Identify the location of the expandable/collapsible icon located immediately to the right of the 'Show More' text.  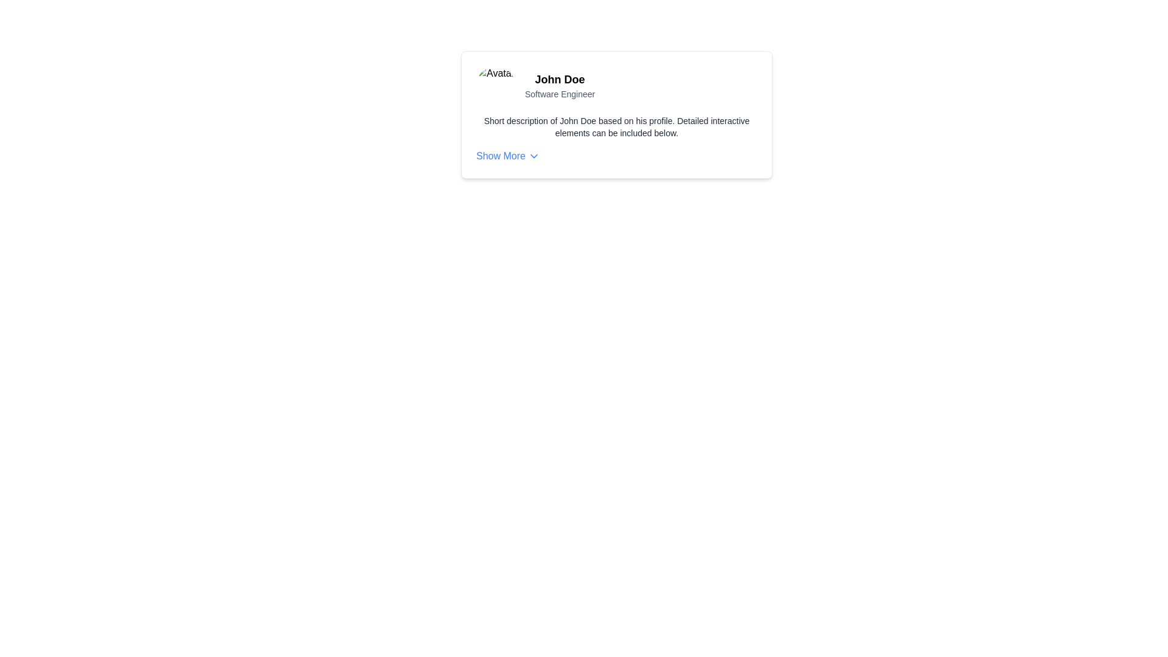
(534, 156).